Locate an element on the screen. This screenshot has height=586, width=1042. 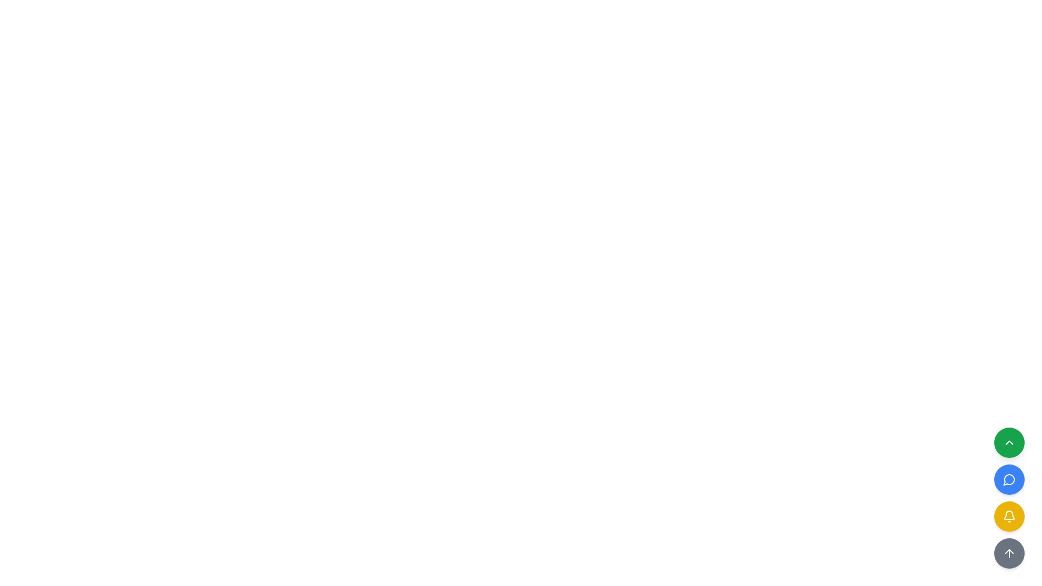
the middle circular button, which is yellow with a notification bell icon is located at coordinates (1009, 516).